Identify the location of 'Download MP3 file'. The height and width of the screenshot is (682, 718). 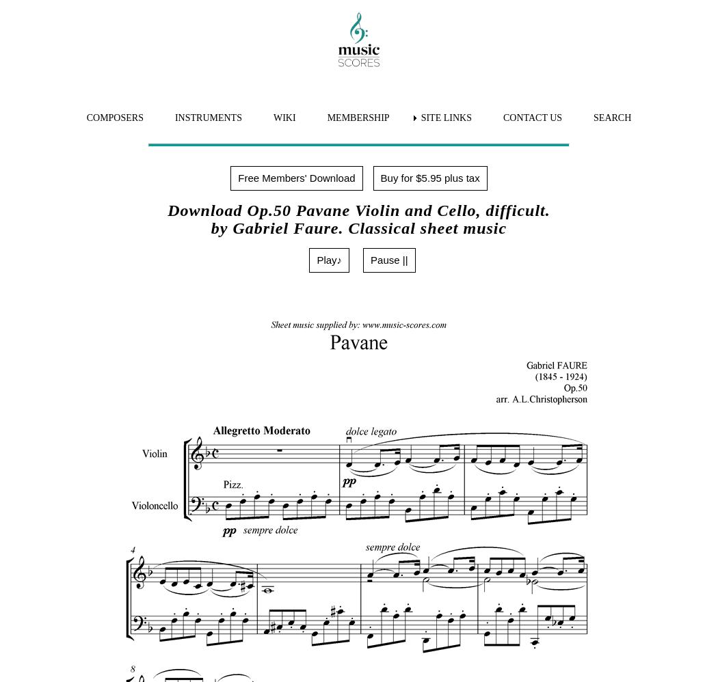
(72, 200).